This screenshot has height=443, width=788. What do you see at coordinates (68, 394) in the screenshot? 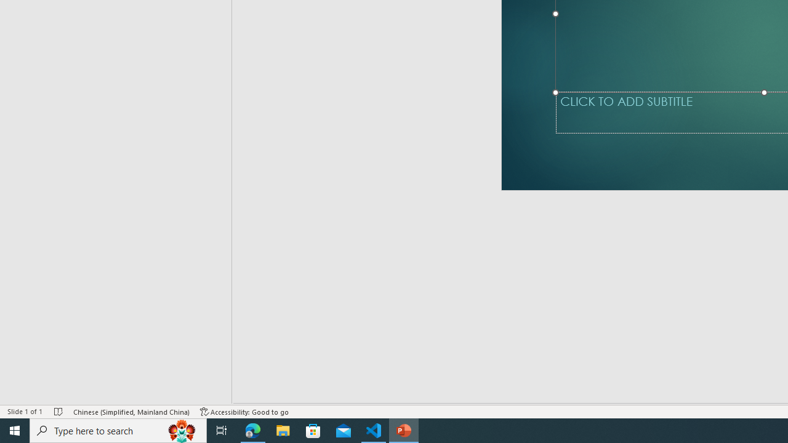
I see `'Spelling and Grammar Check No Errors'` at bounding box center [68, 394].